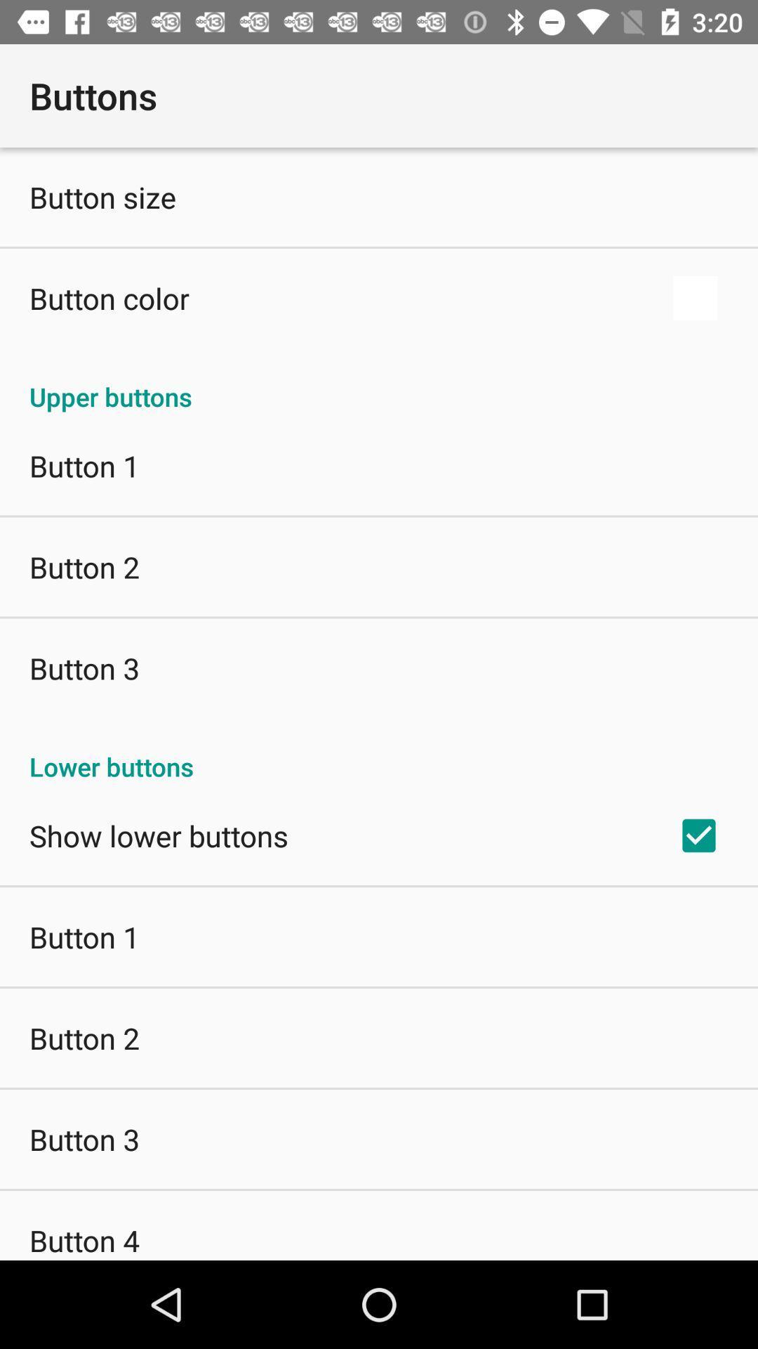 The image size is (758, 1349). I want to click on app to the right of button color app, so click(695, 297).